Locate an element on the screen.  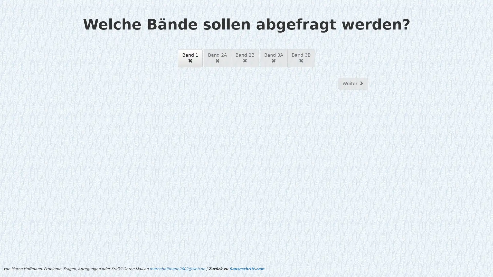
Band 3B is located at coordinates (301, 58).